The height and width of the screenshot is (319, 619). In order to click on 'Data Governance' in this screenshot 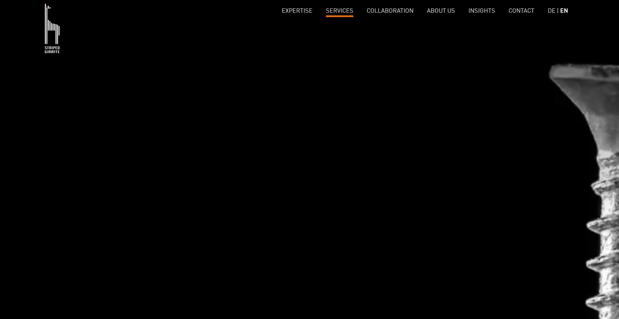, I will do `click(203, 51)`.